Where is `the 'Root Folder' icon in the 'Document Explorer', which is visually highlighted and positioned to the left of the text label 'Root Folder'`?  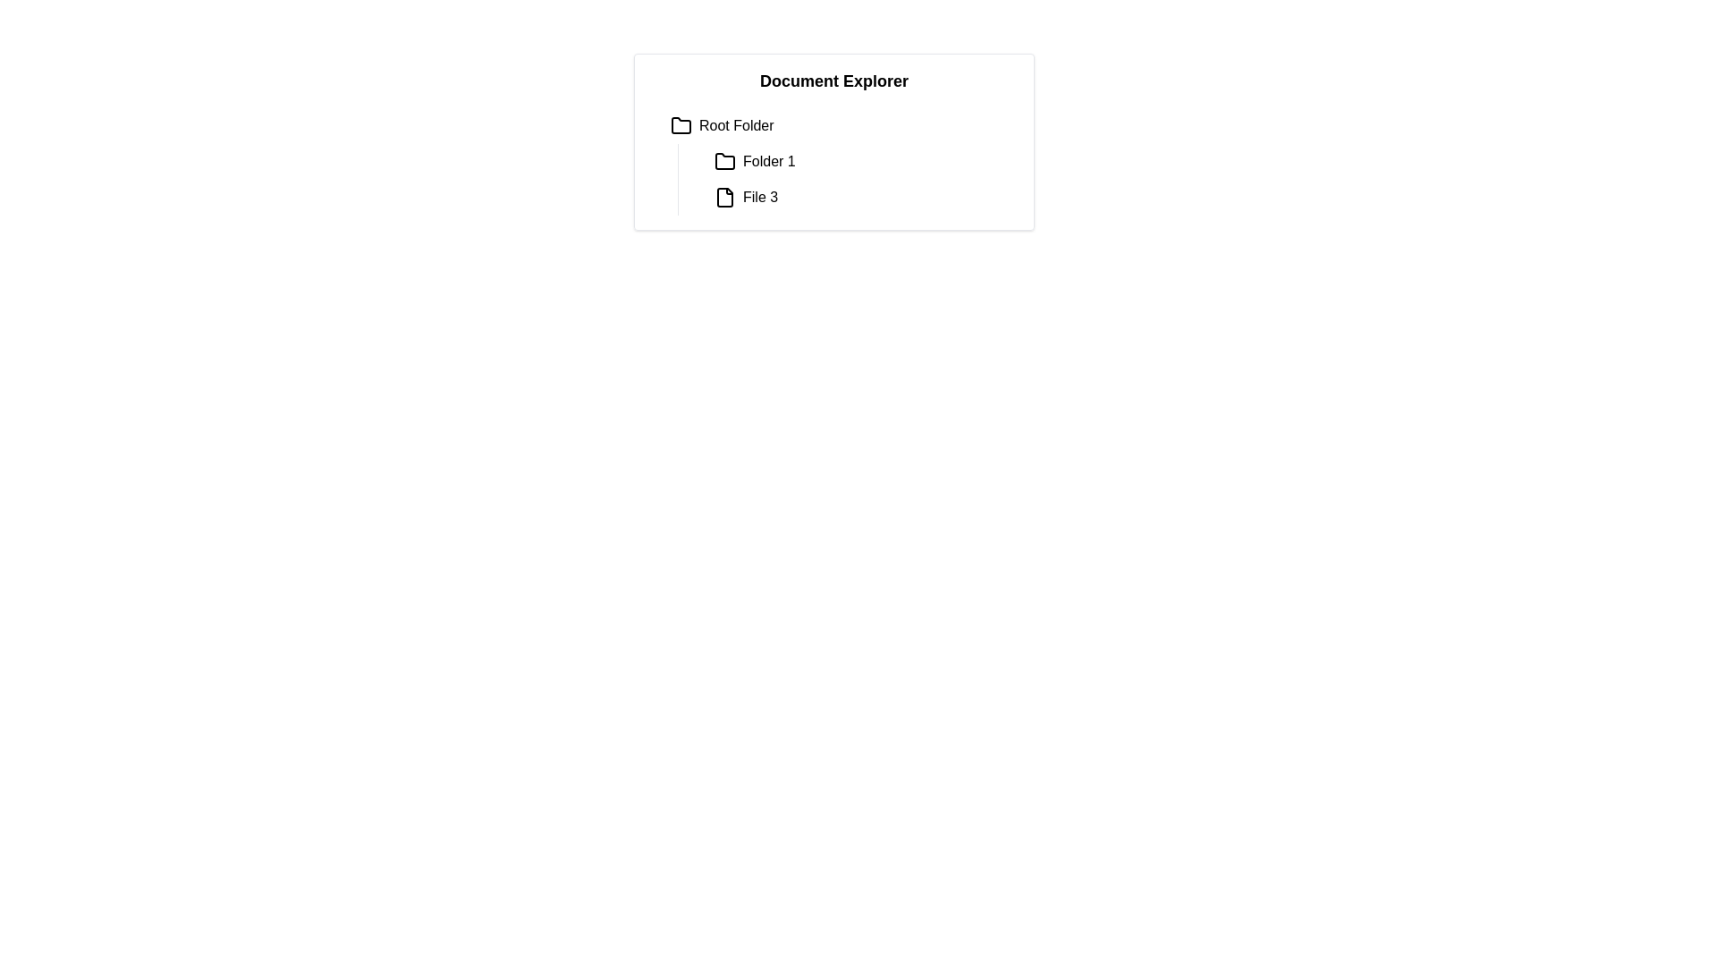 the 'Root Folder' icon in the 'Document Explorer', which is visually highlighted and positioned to the left of the text label 'Root Folder' is located at coordinates (681, 125).